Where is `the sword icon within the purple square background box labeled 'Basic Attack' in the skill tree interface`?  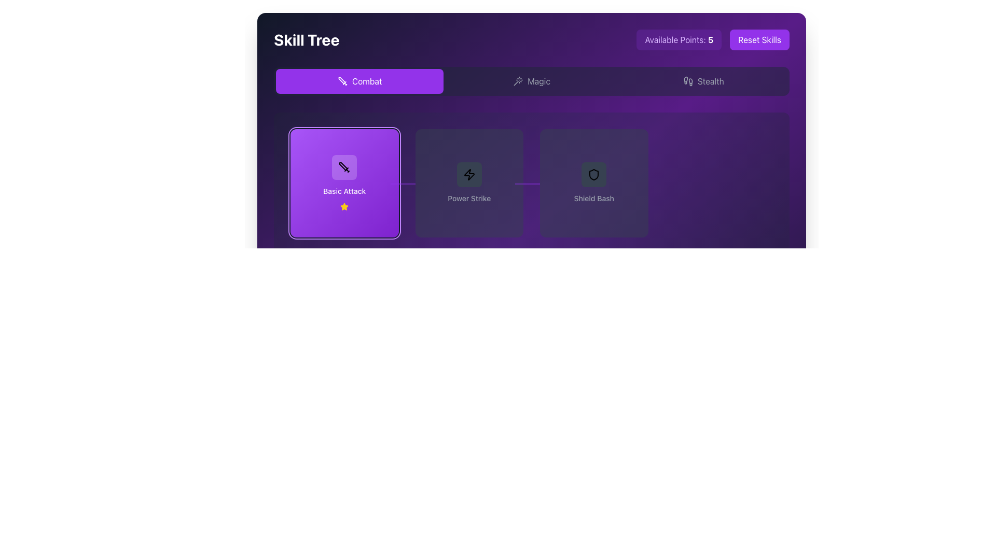
the sword icon within the purple square background box labeled 'Basic Attack' in the skill tree interface is located at coordinates (344, 167).